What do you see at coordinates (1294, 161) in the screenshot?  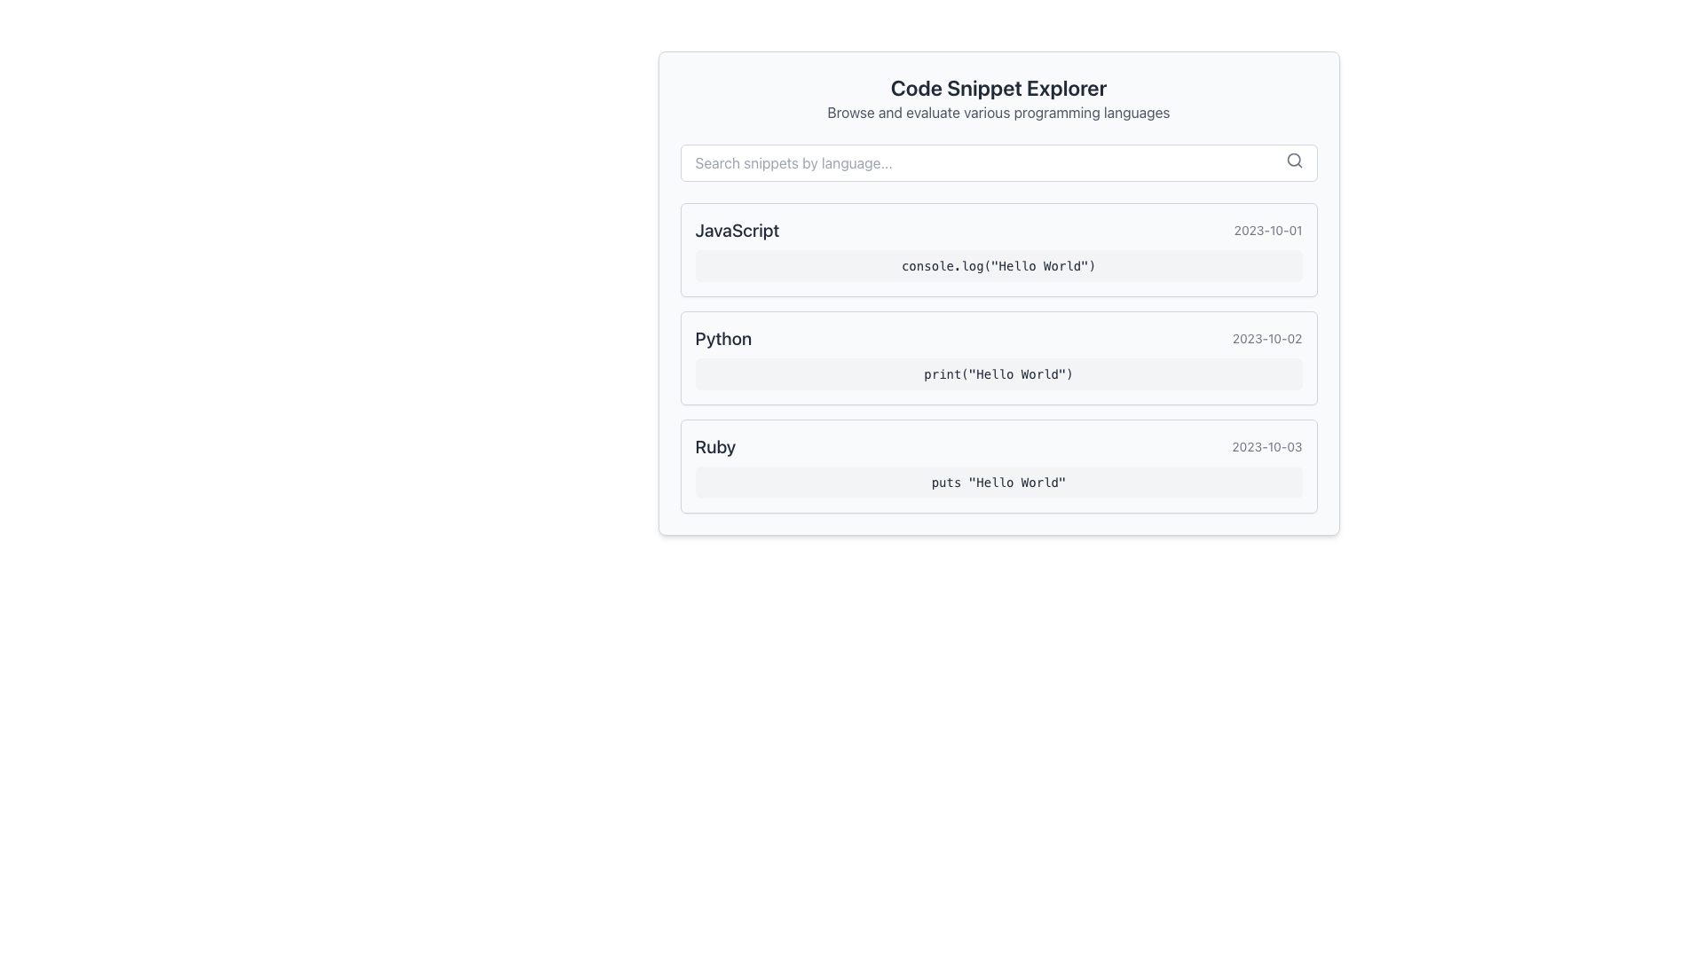 I see `the search icon located at the top-right corner of the search input field, which visually indicates the search functionality` at bounding box center [1294, 161].